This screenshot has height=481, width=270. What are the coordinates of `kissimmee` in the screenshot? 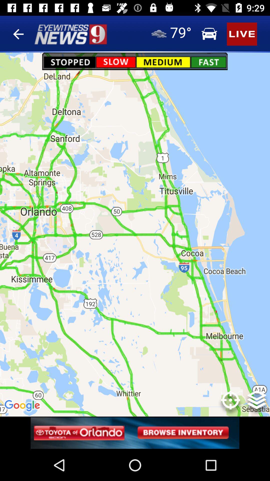 It's located at (39, 287).